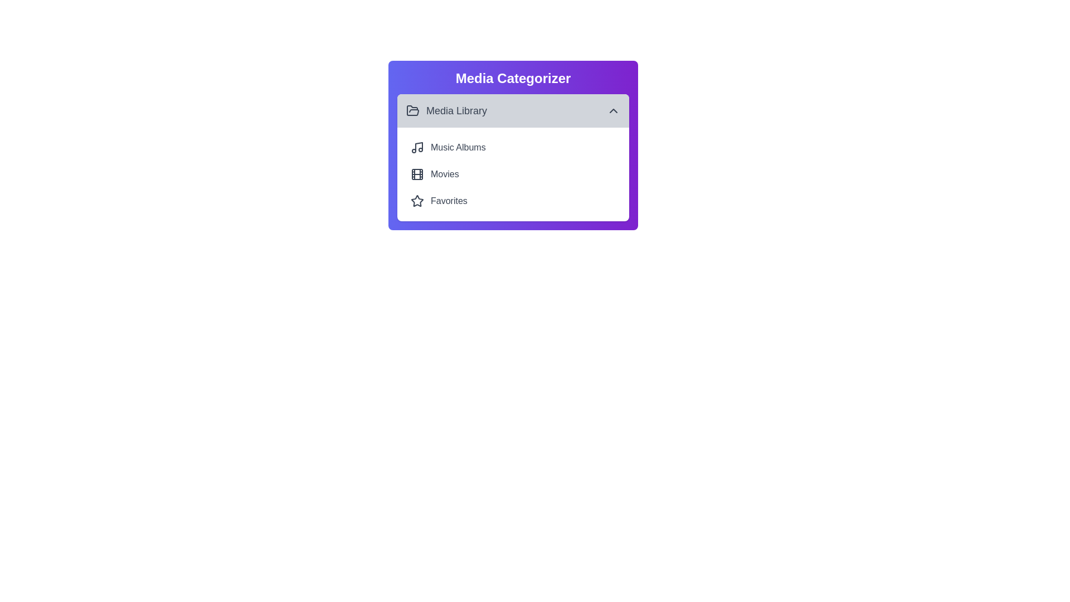  What do you see at coordinates (513, 174) in the screenshot?
I see `the menu item Movies to trigger its hover effect` at bounding box center [513, 174].